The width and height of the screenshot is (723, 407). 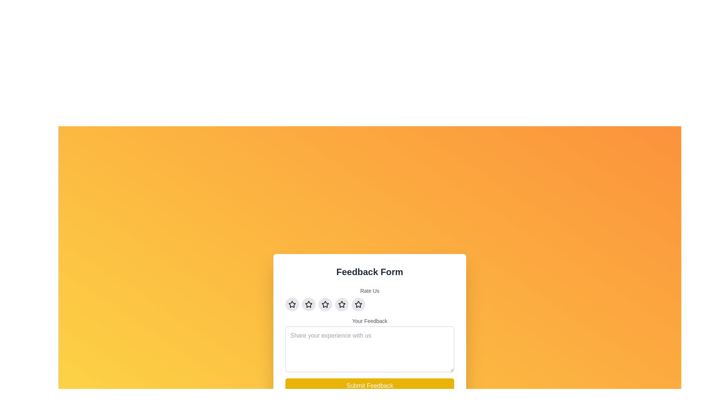 I want to click on the star-shaped icon button in the 'Rate Us' section of the 'Feedback Form', so click(x=292, y=304).